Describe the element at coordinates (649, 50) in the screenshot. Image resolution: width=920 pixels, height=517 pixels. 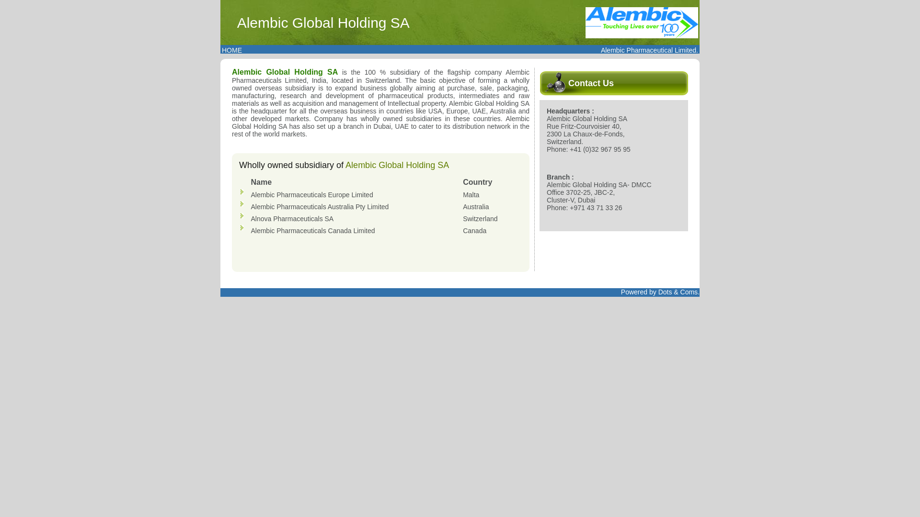
I see `'Alembic Pharmaceutical Limited.'` at that location.